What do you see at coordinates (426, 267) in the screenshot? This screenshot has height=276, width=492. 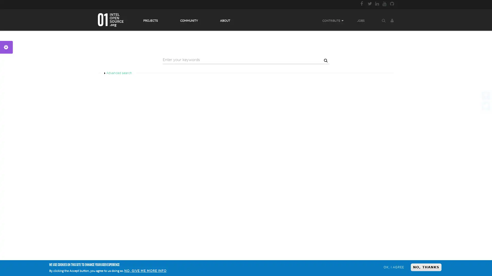 I see `NO, THANKS` at bounding box center [426, 267].